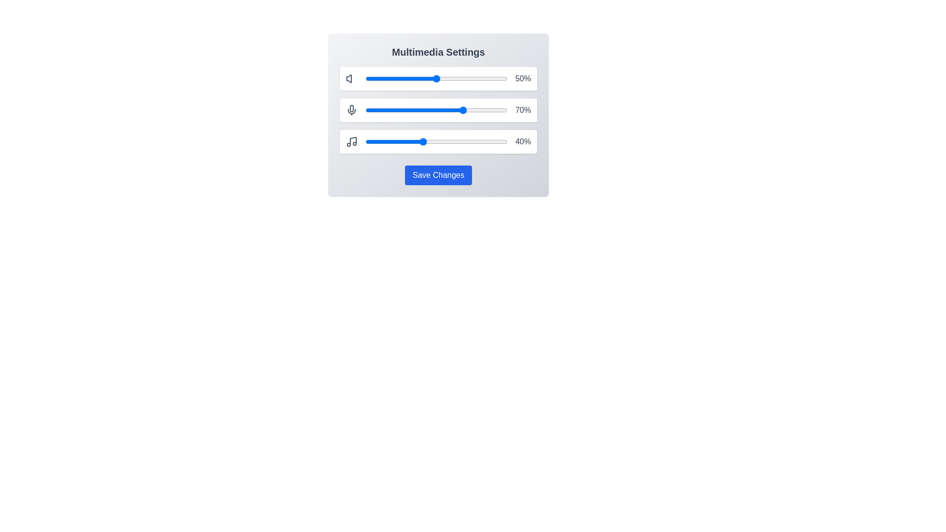 The width and height of the screenshot is (946, 532). What do you see at coordinates (437, 78) in the screenshot?
I see `the volume slider to 51%` at bounding box center [437, 78].